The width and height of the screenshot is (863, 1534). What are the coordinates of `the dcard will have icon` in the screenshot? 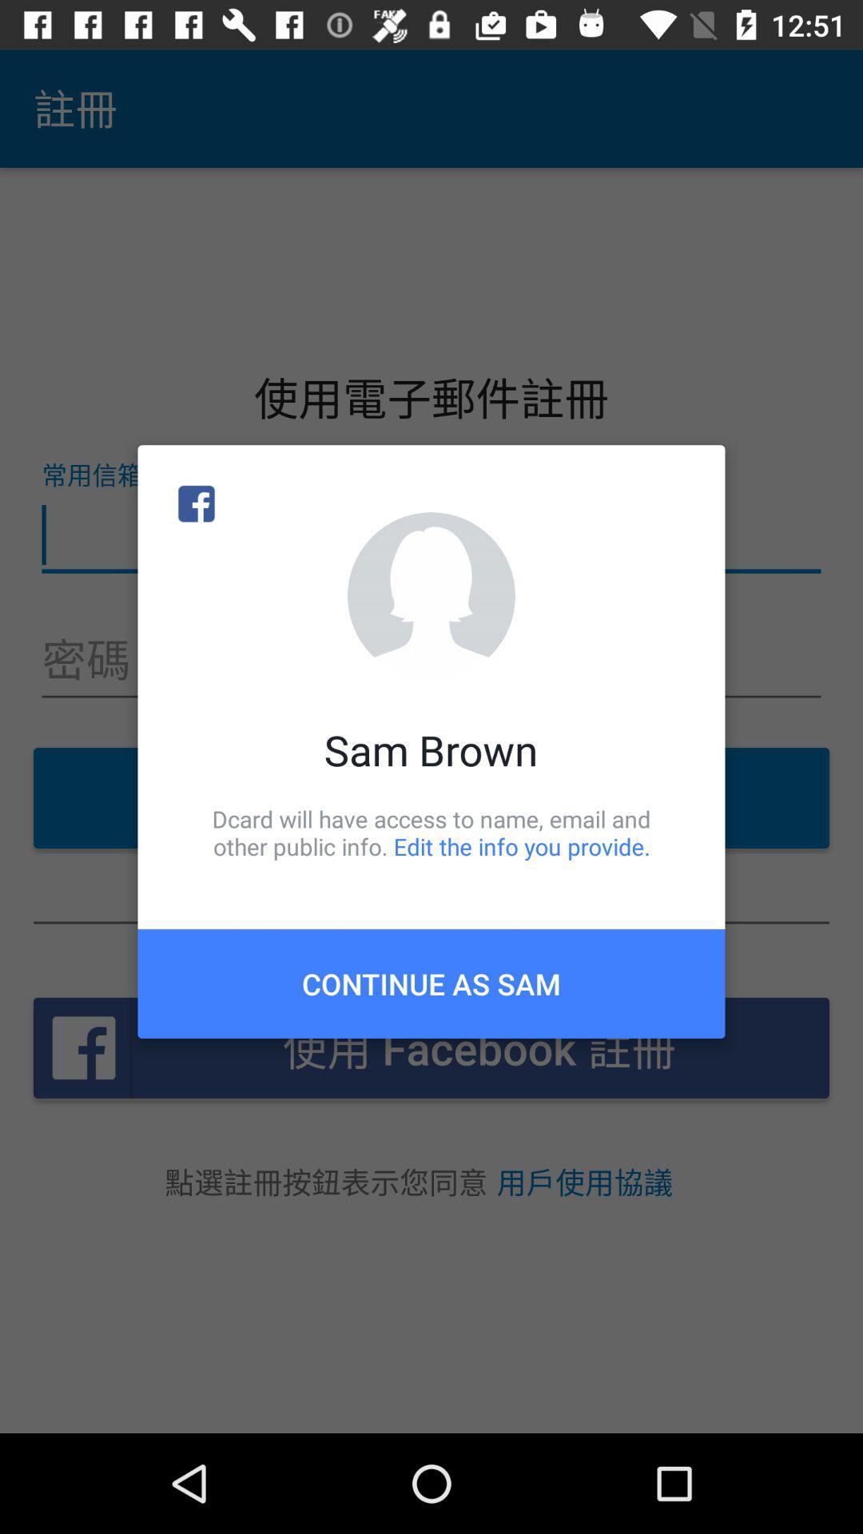 It's located at (431, 832).